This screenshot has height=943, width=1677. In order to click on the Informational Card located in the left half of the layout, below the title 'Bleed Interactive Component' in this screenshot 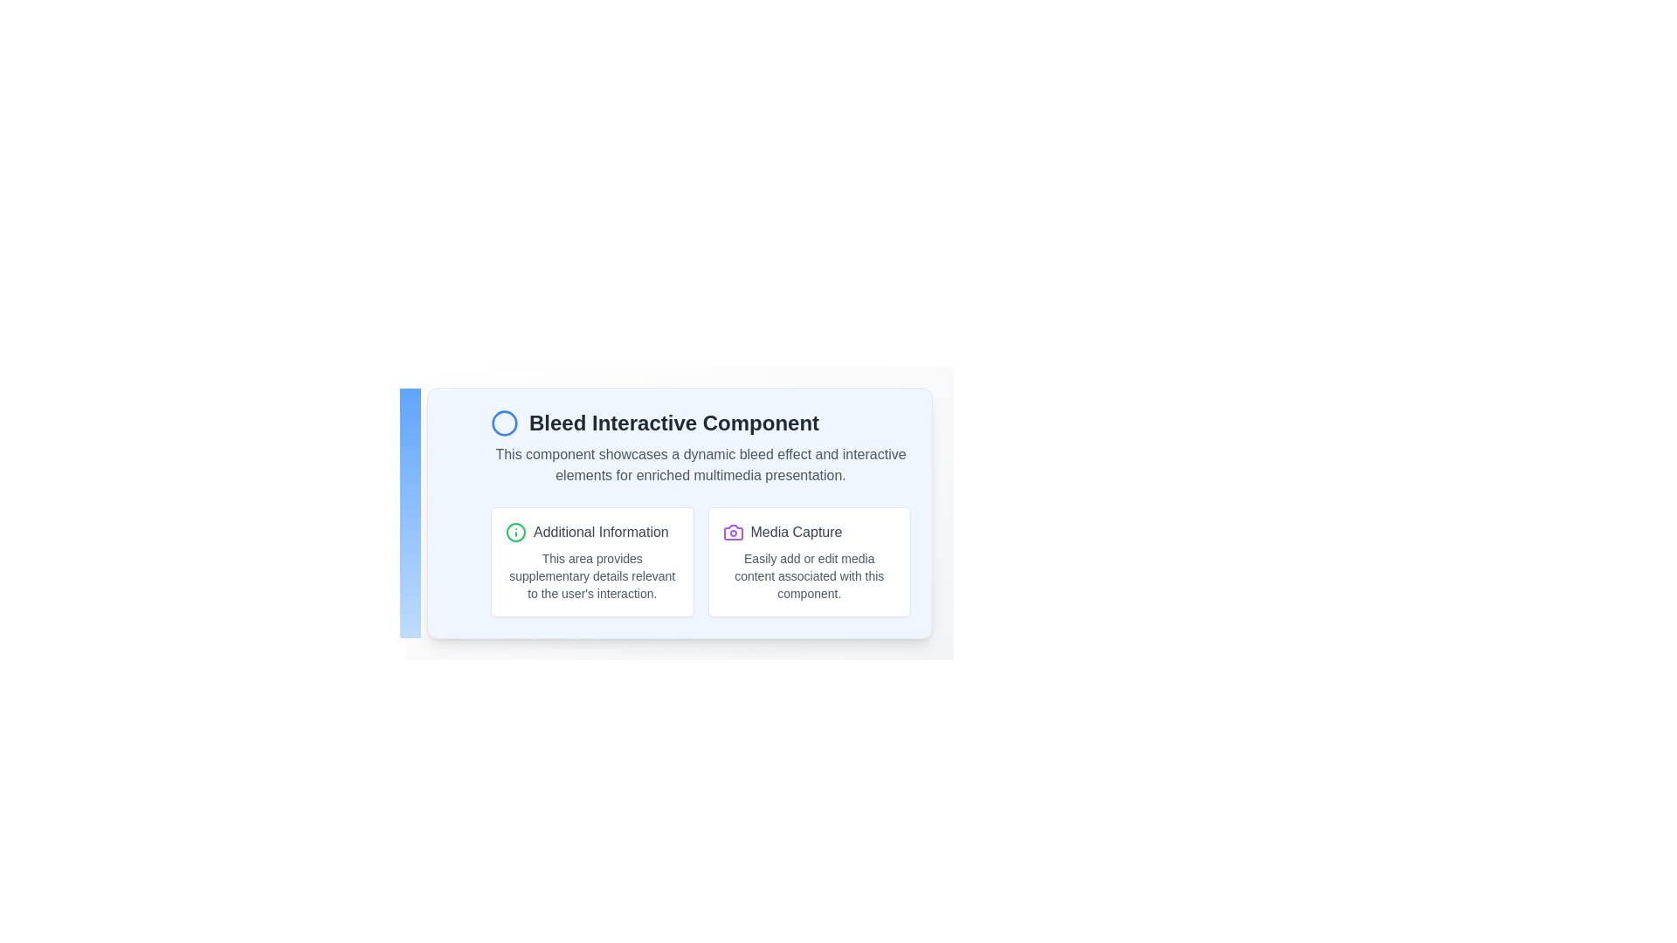, I will do `click(592, 562)`.